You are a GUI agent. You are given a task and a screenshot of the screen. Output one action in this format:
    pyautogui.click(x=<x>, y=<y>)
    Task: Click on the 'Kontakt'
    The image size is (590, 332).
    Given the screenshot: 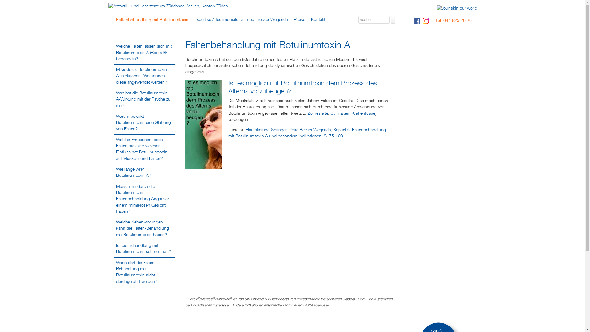 What is the action you would take?
    pyautogui.click(x=318, y=19)
    